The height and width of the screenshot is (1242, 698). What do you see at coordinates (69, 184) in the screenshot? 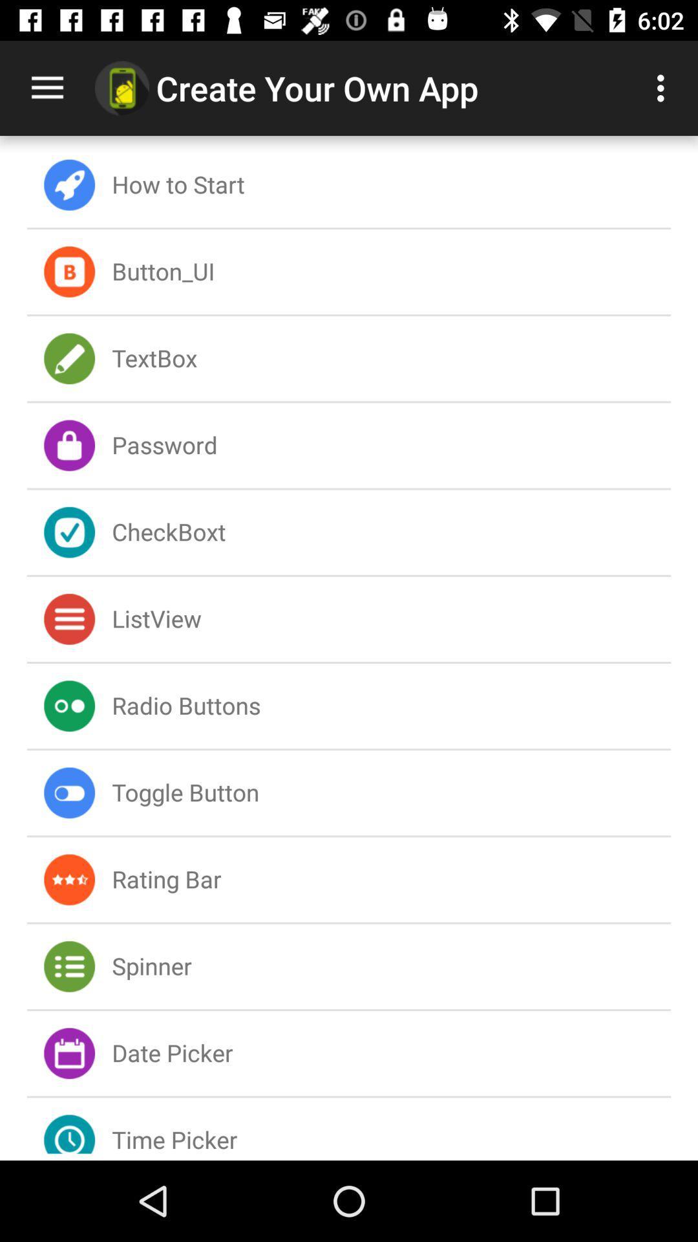
I see `the icon on left to the button how to start on the web page` at bounding box center [69, 184].